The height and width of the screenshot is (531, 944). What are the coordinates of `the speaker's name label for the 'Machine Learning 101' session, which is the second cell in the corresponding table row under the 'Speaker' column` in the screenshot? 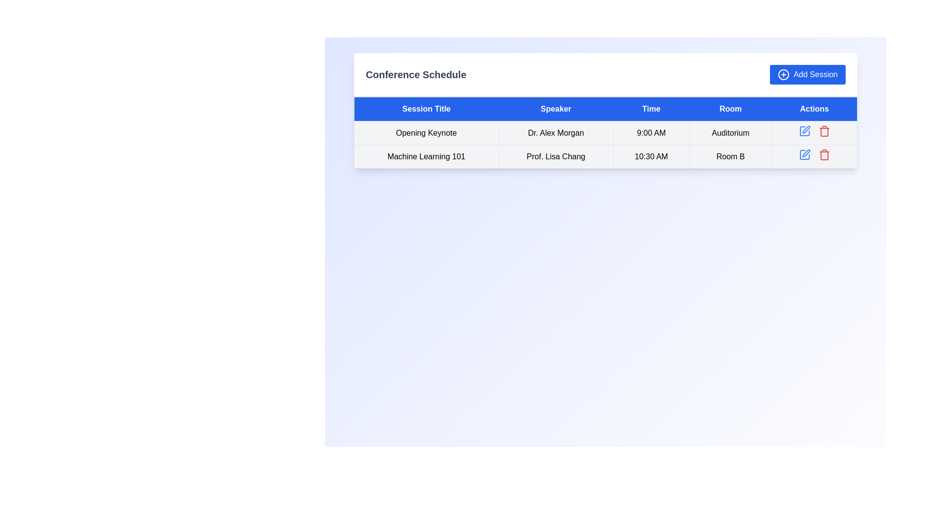 It's located at (556, 156).